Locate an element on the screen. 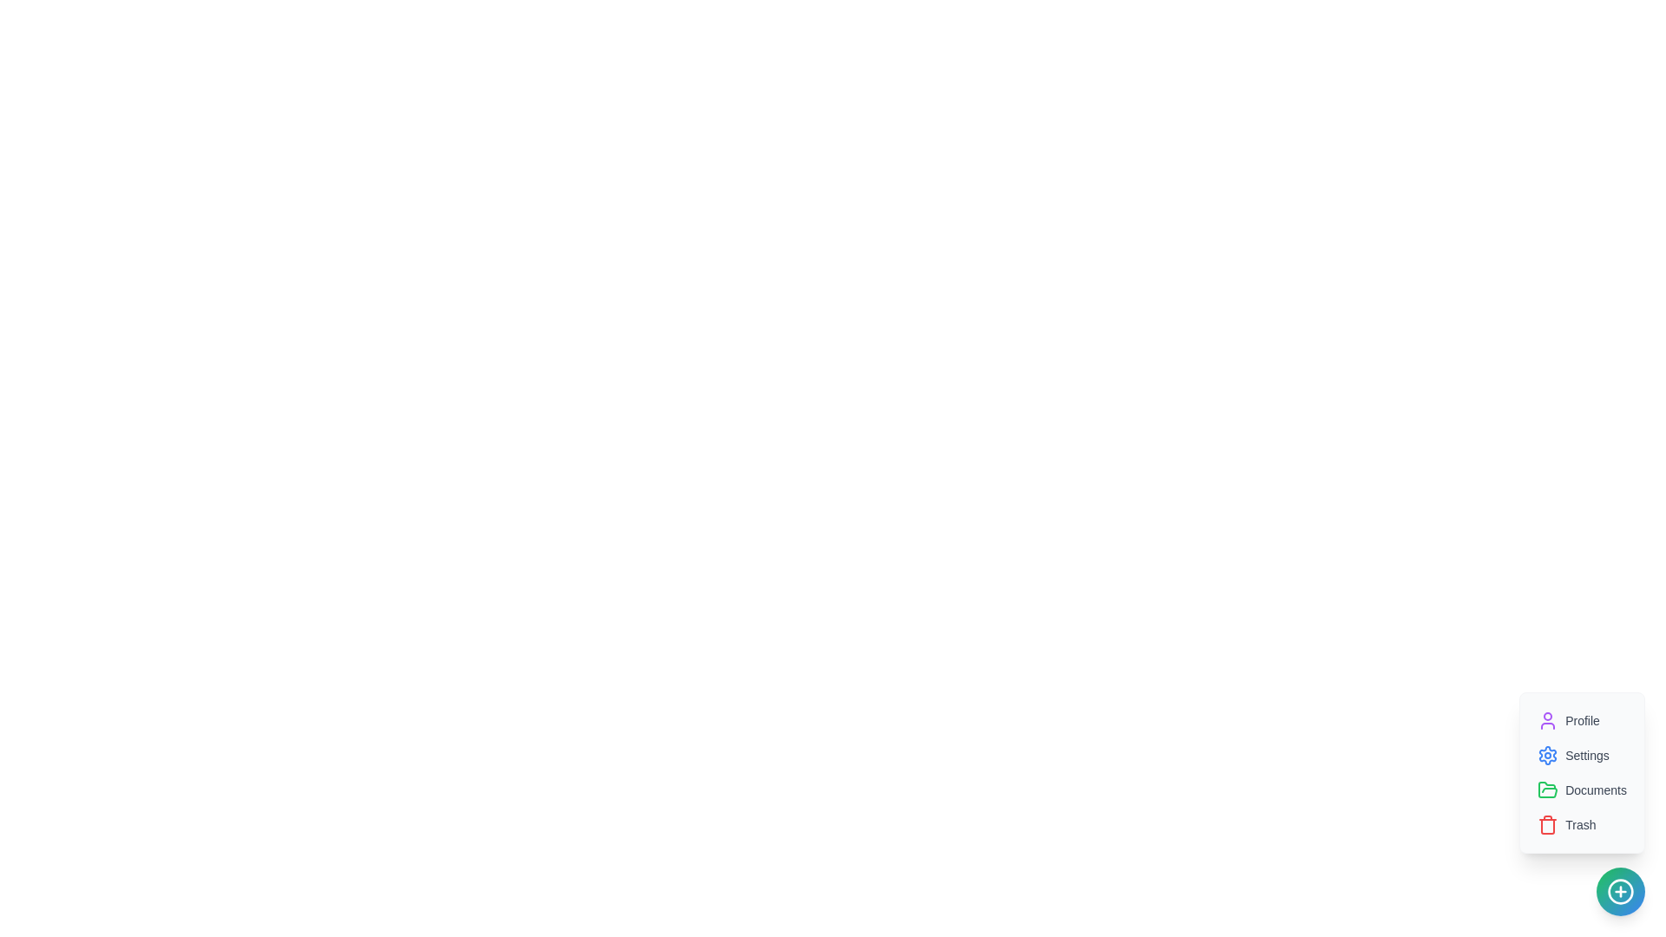 This screenshot has width=1666, height=937. floating action button to toggle the menu visibility is located at coordinates (1619, 892).